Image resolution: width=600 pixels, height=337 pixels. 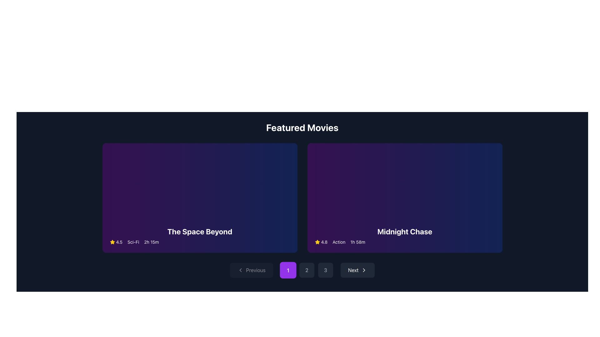 What do you see at coordinates (199, 236) in the screenshot?
I see `the Informational Text Block titled 'The Space Beyond', which displays a rating of 4.5, genre Sci-Fi, and duration 2h 15m, located at the bottom-left corner of the movie card in the 'Featured Movies' section` at bounding box center [199, 236].